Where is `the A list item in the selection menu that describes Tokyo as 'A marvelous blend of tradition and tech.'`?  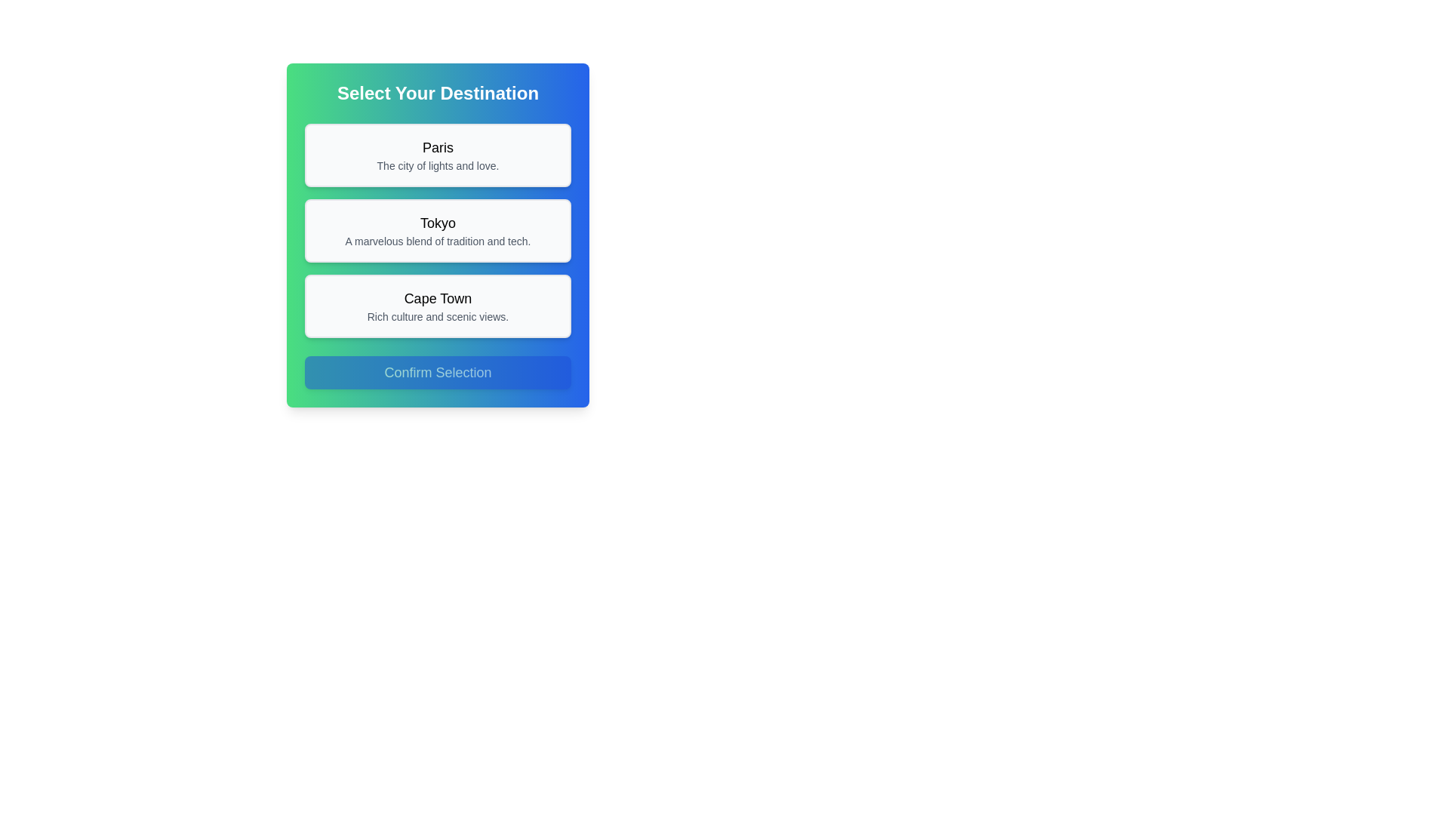
the A list item in the selection menu that describes Tokyo as 'A marvelous blend of tradition and tech.' is located at coordinates (437, 230).